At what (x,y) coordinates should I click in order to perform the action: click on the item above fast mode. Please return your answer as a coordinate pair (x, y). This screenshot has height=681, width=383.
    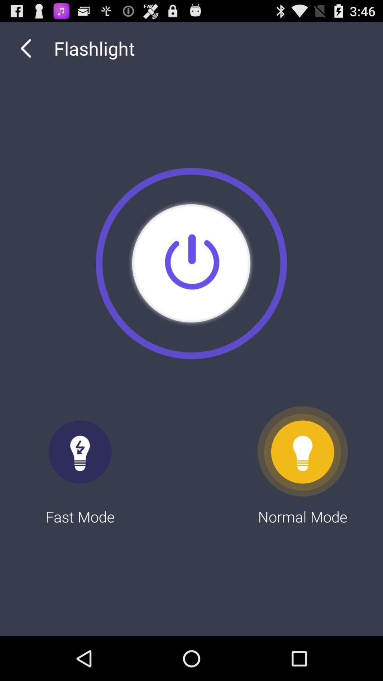
    Looking at the image, I should click on (191, 263).